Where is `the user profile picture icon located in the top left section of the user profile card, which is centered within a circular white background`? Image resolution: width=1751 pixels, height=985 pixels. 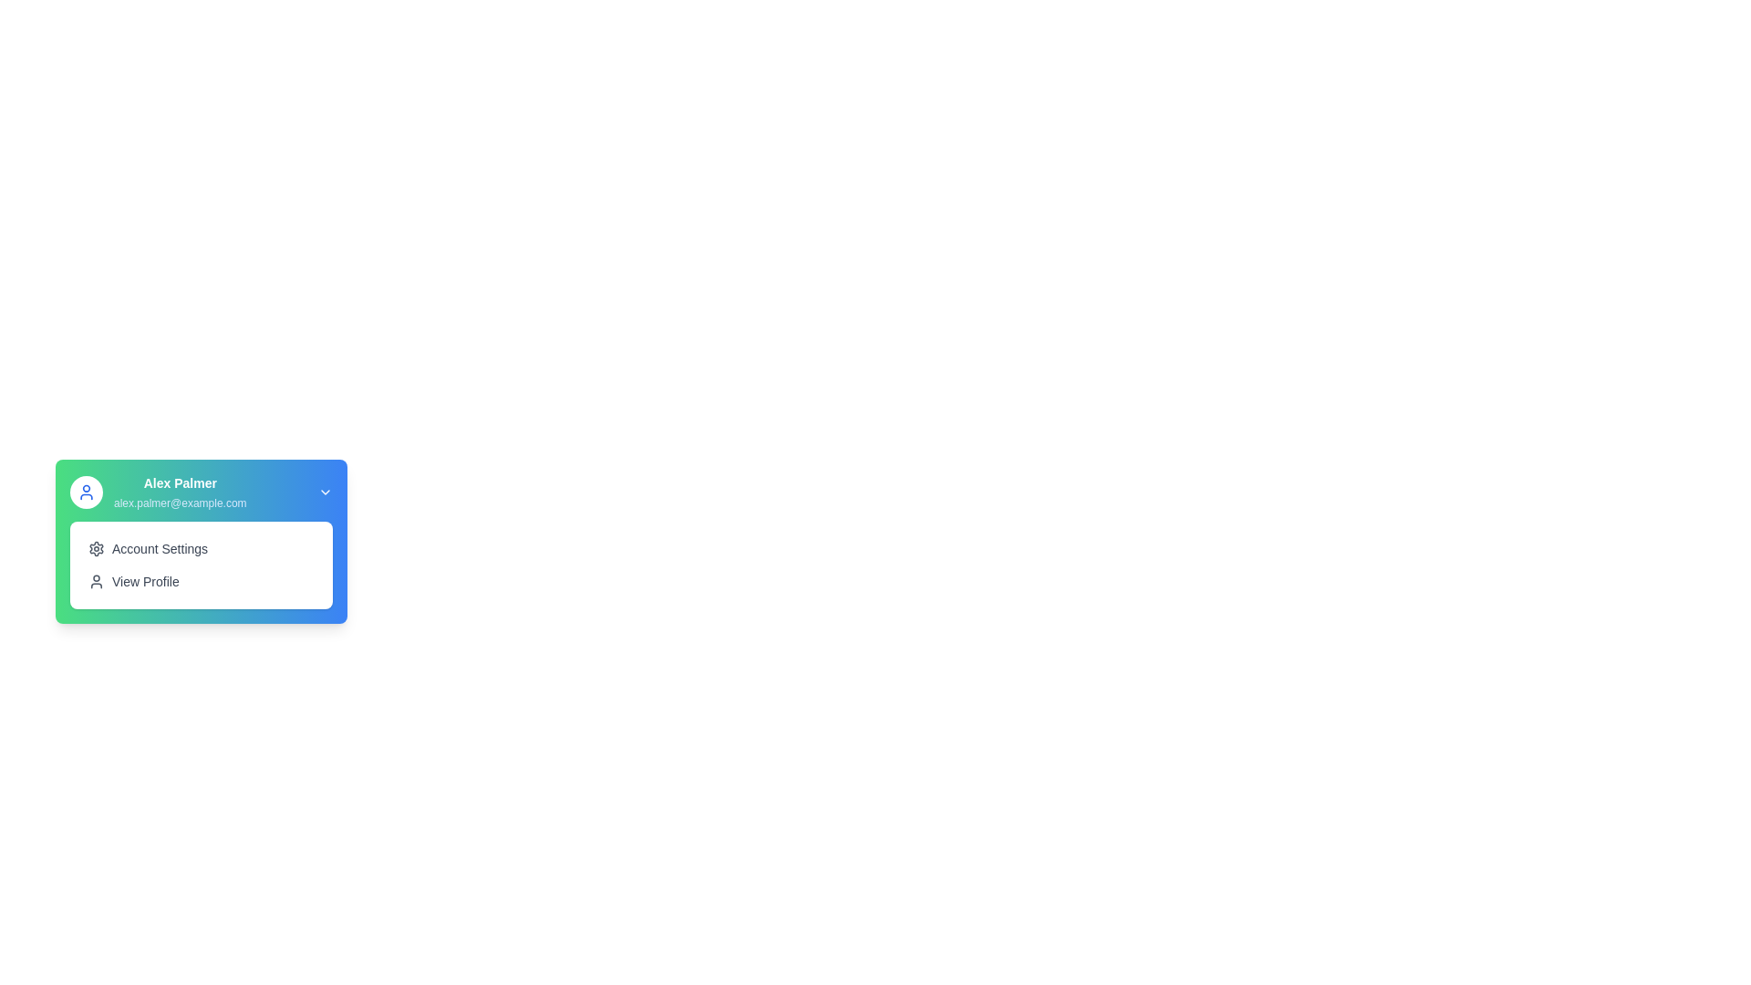
the user profile picture icon located in the top left section of the user profile card, which is centered within a circular white background is located at coordinates (86, 493).